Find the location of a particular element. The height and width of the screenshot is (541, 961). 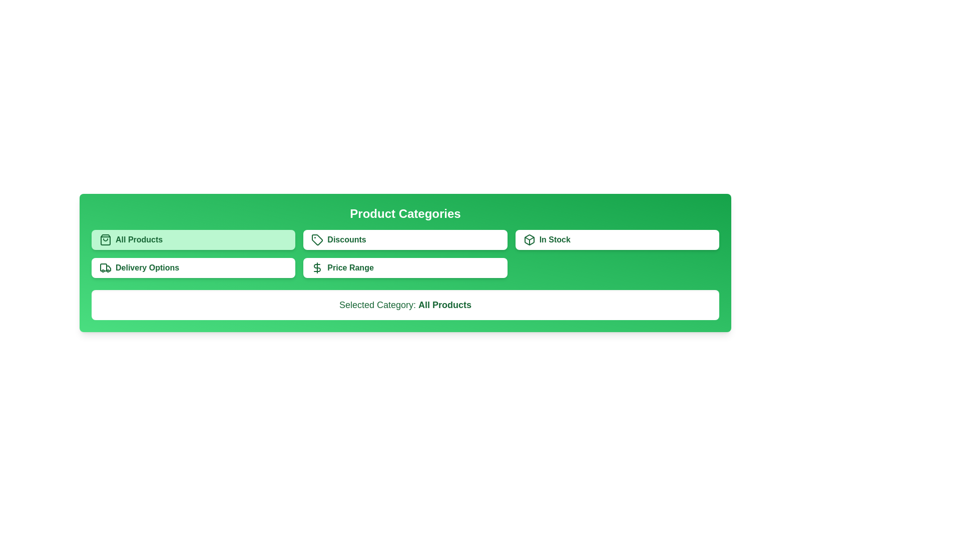

the price tag icon in the Discounts category, which is styled with a green fill and white outline, located in the second column of the main grid is located at coordinates (317, 239).